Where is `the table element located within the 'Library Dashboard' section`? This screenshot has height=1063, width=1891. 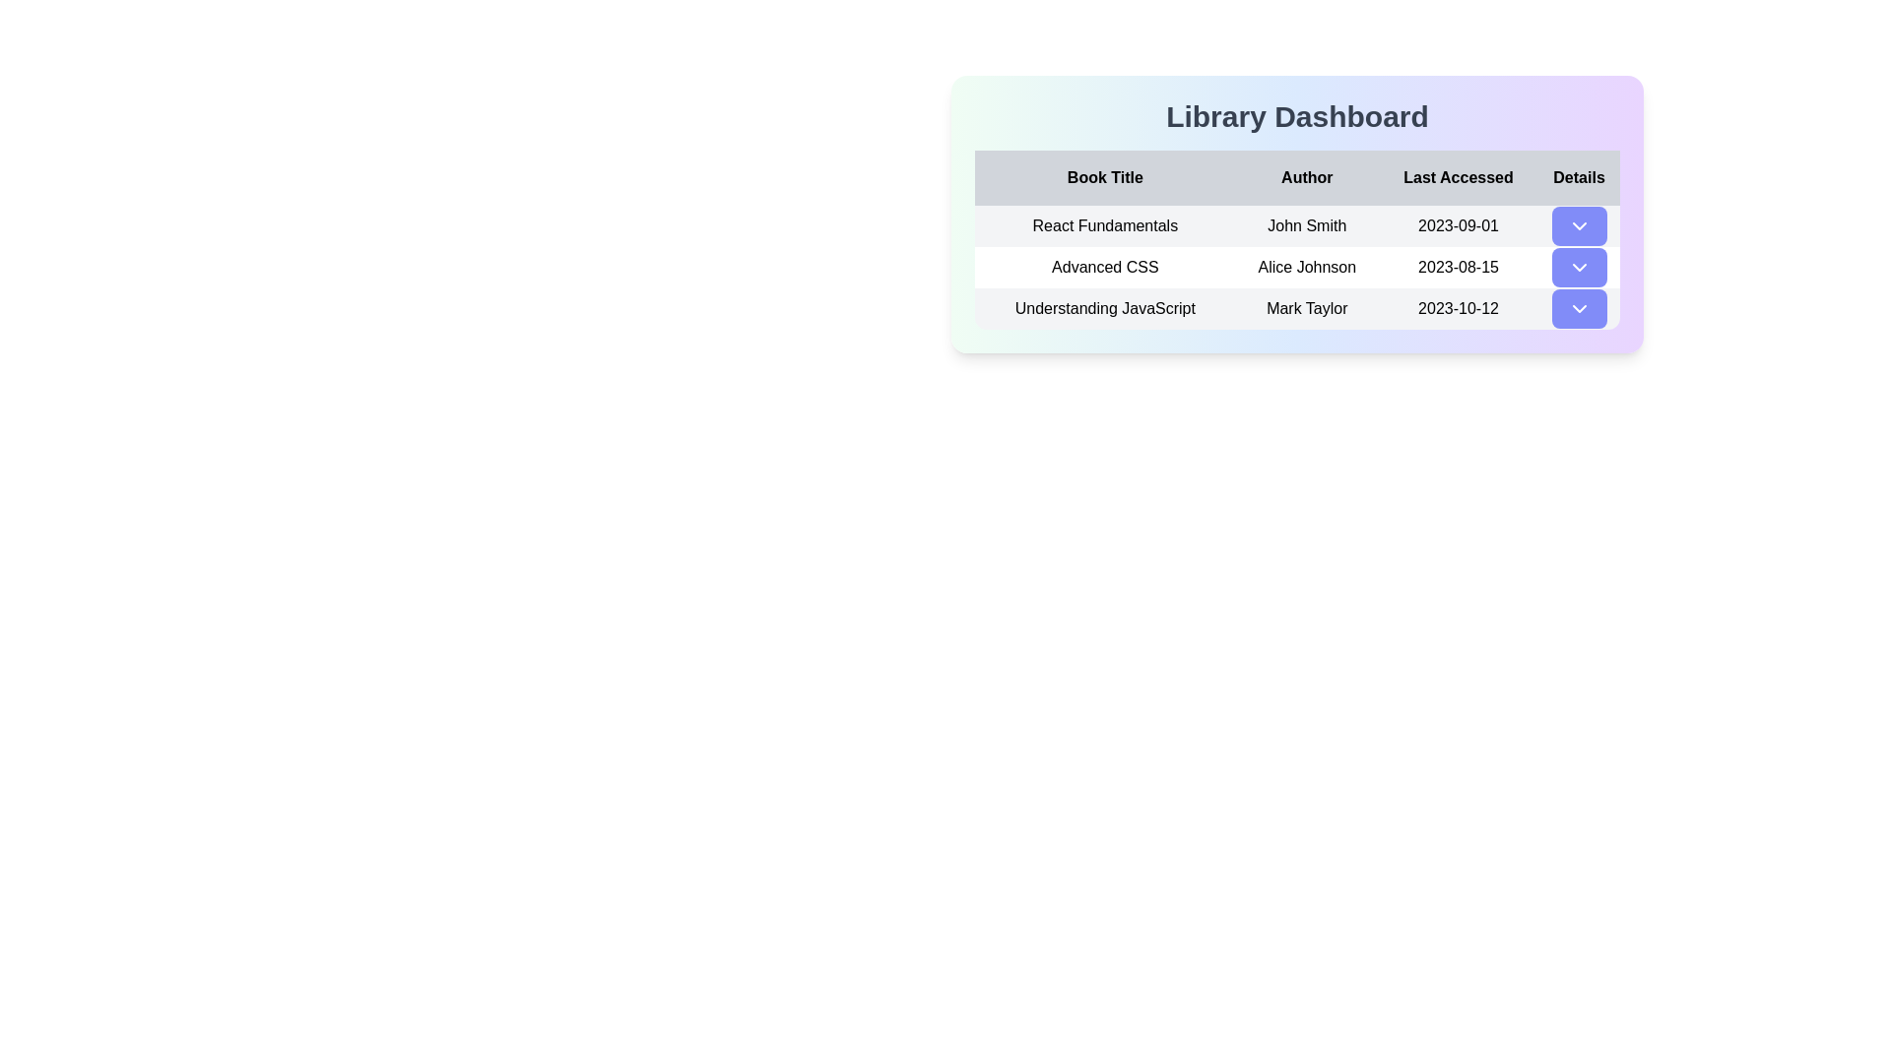 the table element located within the 'Library Dashboard' section is located at coordinates (1297, 238).